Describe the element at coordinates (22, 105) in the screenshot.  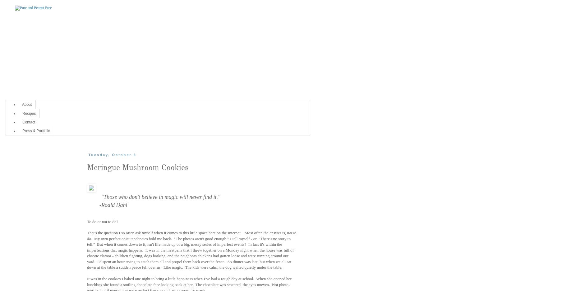
I see `'About'` at that location.